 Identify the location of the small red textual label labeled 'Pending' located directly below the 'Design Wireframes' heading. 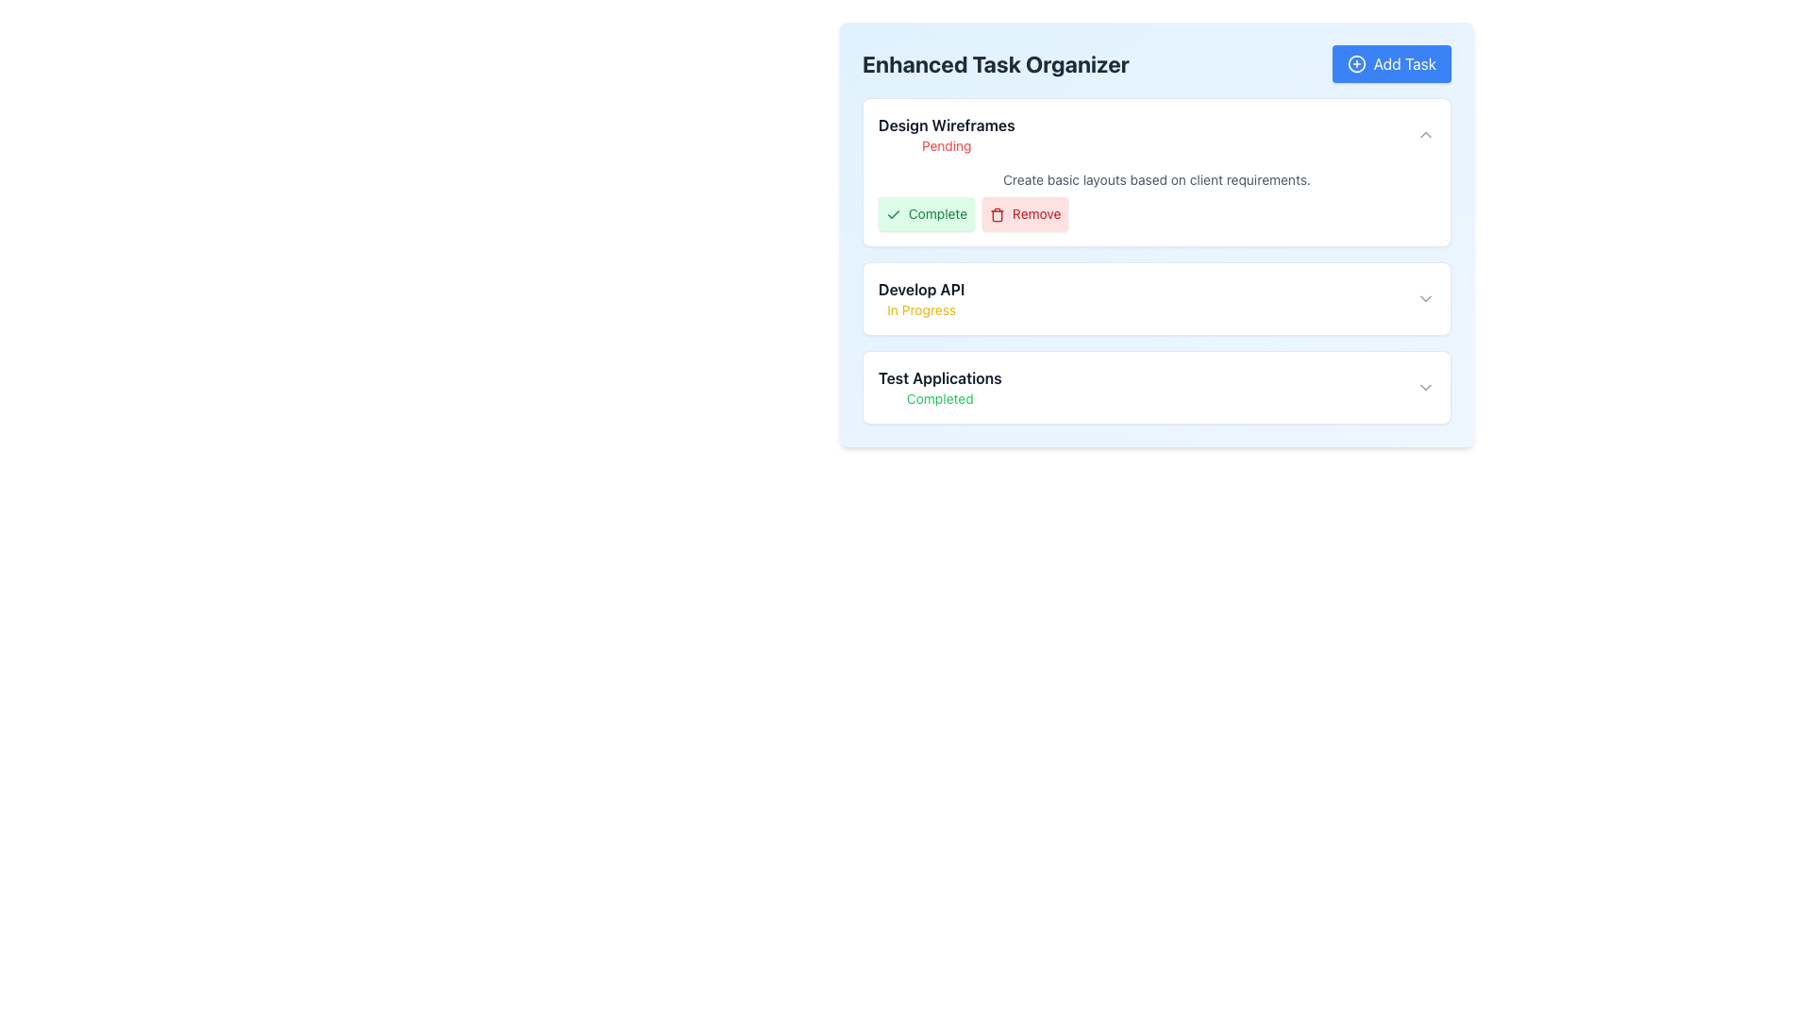
(947, 144).